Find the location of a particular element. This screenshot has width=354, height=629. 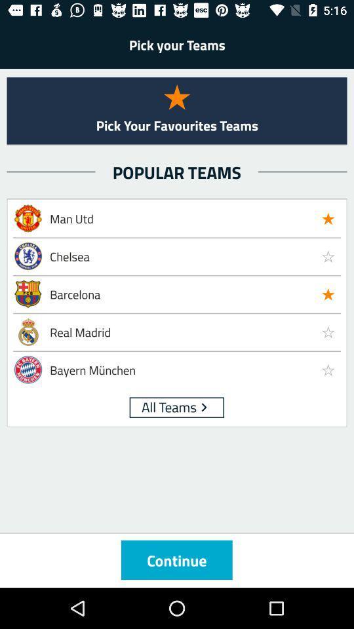

the continue is located at coordinates (176, 559).